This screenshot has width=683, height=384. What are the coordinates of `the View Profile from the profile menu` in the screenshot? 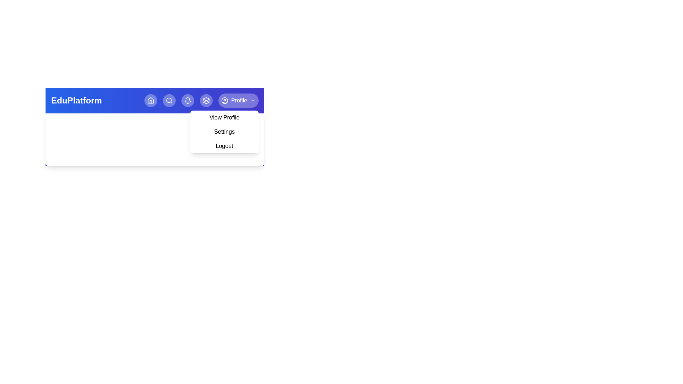 It's located at (224, 117).